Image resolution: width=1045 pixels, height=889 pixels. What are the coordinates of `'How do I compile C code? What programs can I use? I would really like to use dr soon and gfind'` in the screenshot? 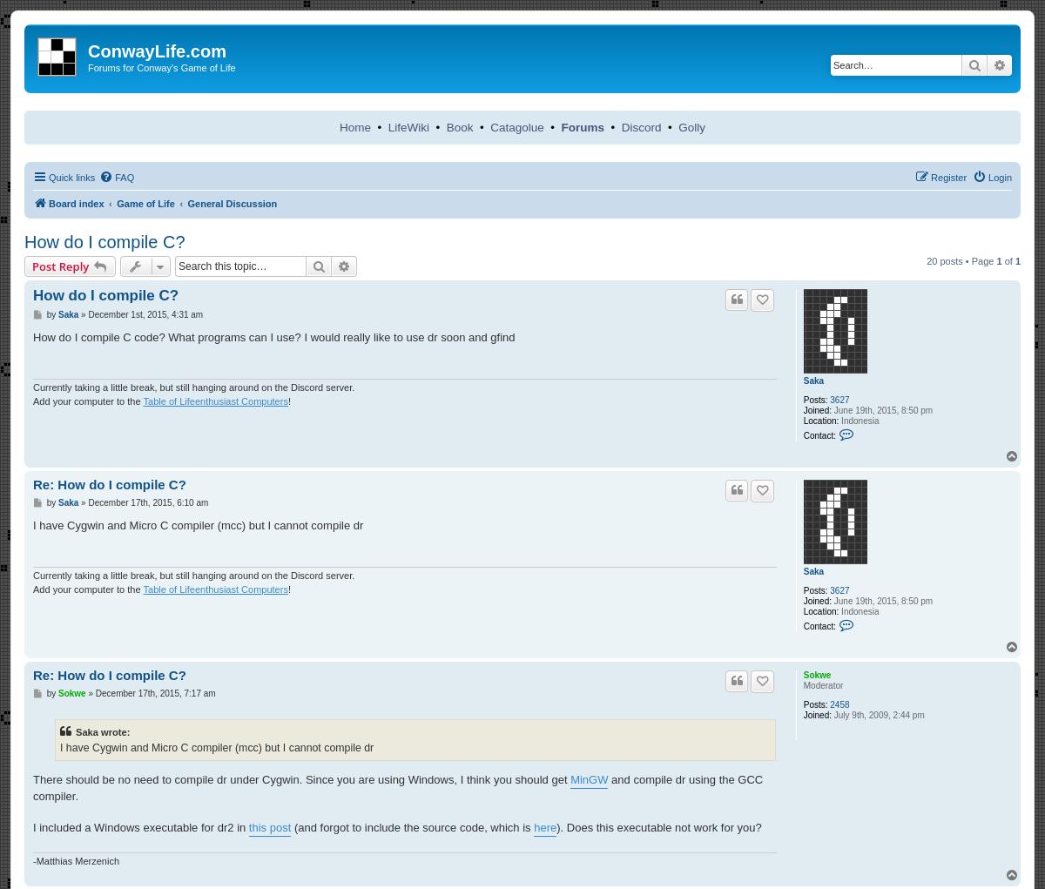 It's located at (273, 336).